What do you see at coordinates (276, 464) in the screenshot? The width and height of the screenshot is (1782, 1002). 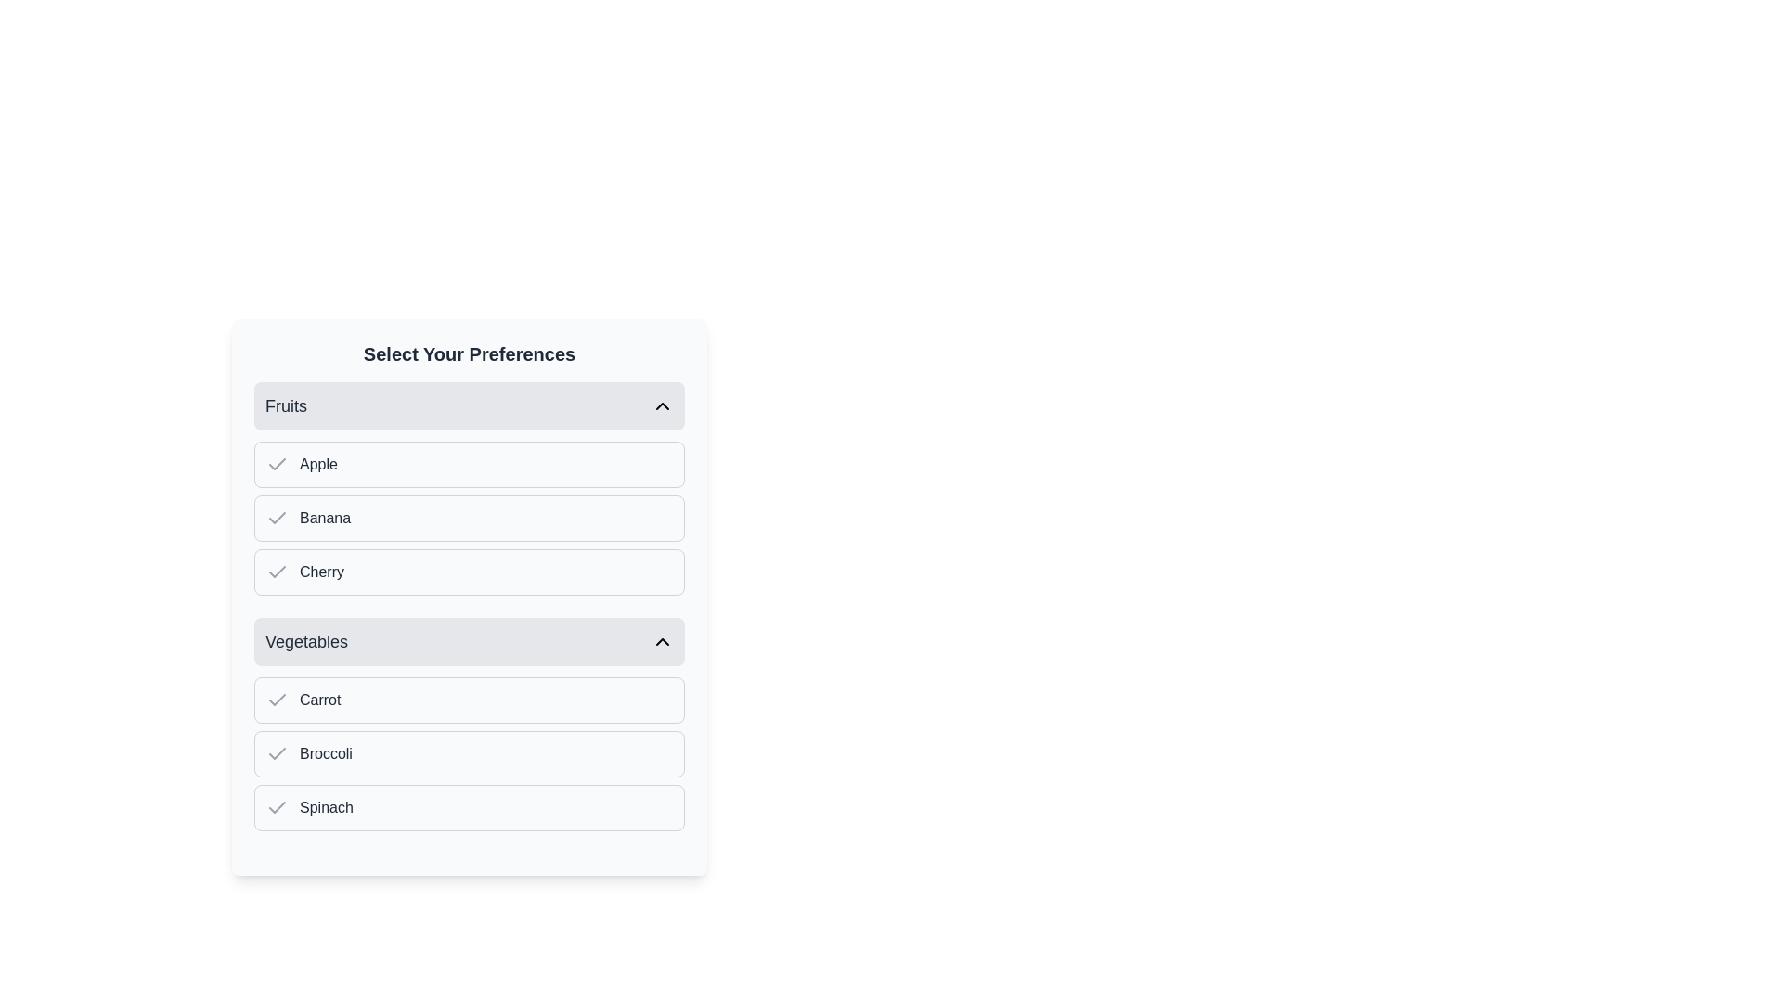 I see `the checkmark icon located to the left of the text label 'Apple', which is styled with a rounded shape and gray color` at bounding box center [276, 464].